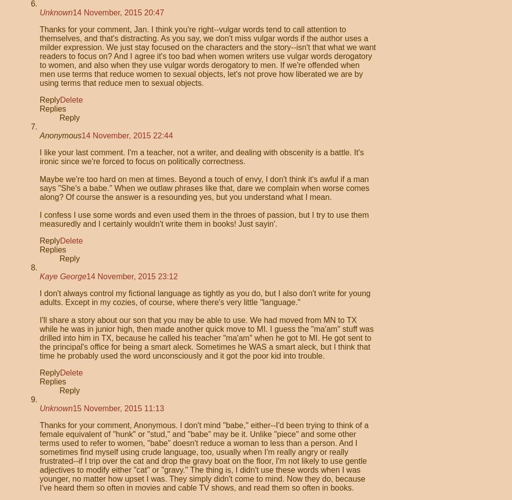 This screenshot has width=512, height=500. Describe the element at coordinates (60, 135) in the screenshot. I see `'Anonymous'` at that location.